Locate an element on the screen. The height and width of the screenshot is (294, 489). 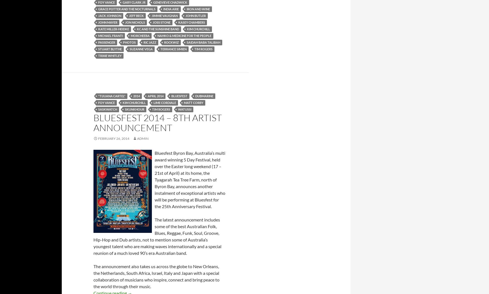
'Grace Potter and the Nocturnals' is located at coordinates (127, 9).